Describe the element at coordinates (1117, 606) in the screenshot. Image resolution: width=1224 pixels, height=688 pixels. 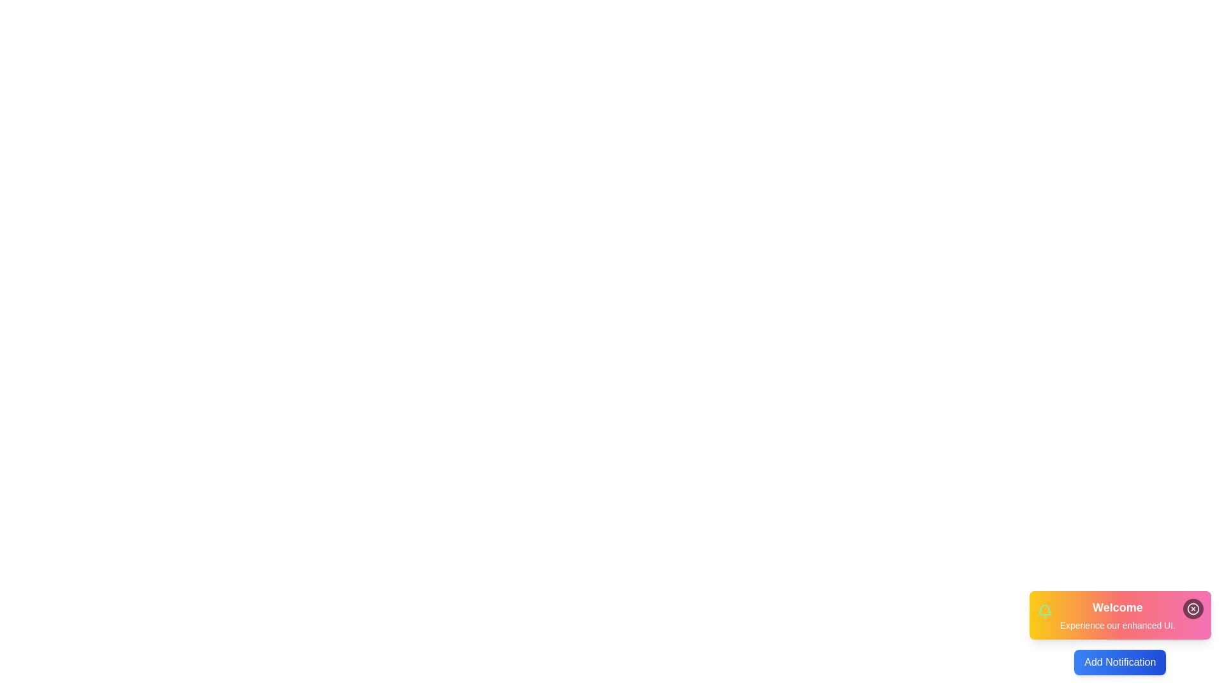
I see `the 'Welcome' text label, which is prominently displayed in large, bold font with a colorful gradient background transitioning from orange to pink` at that location.